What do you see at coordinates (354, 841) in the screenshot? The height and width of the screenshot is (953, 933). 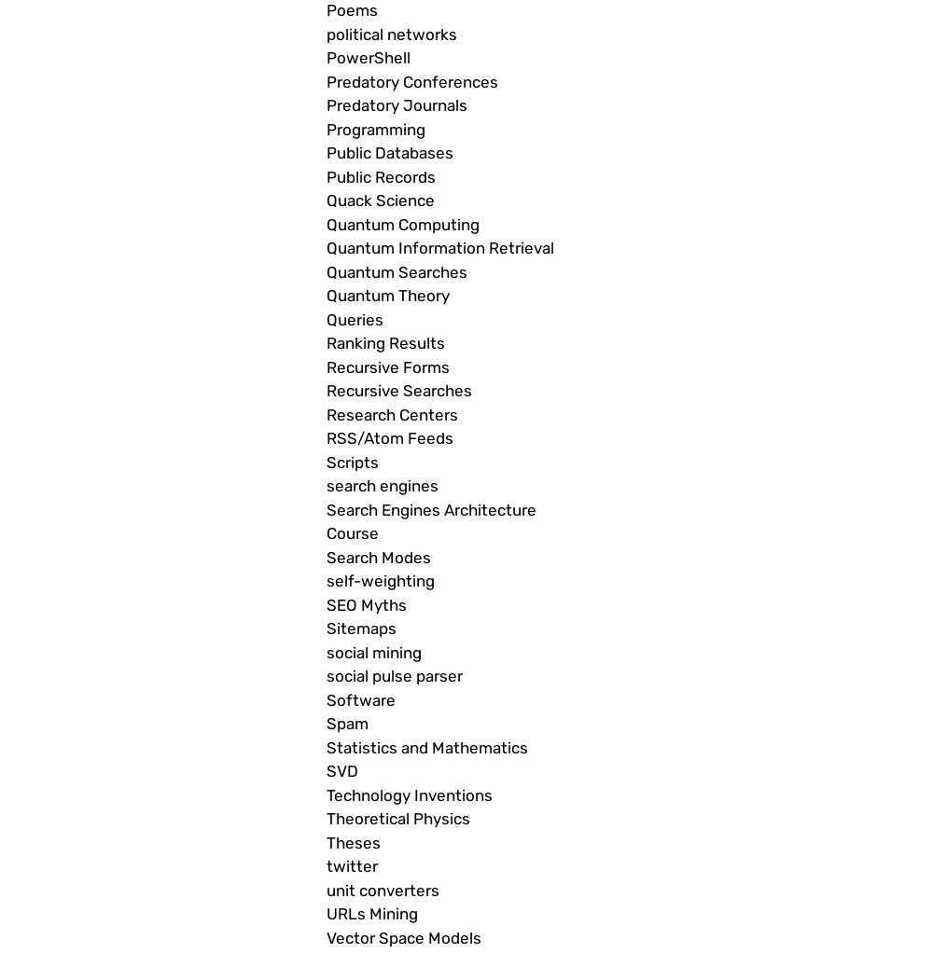 I see `'Theses'` at bounding box center [354, 841].